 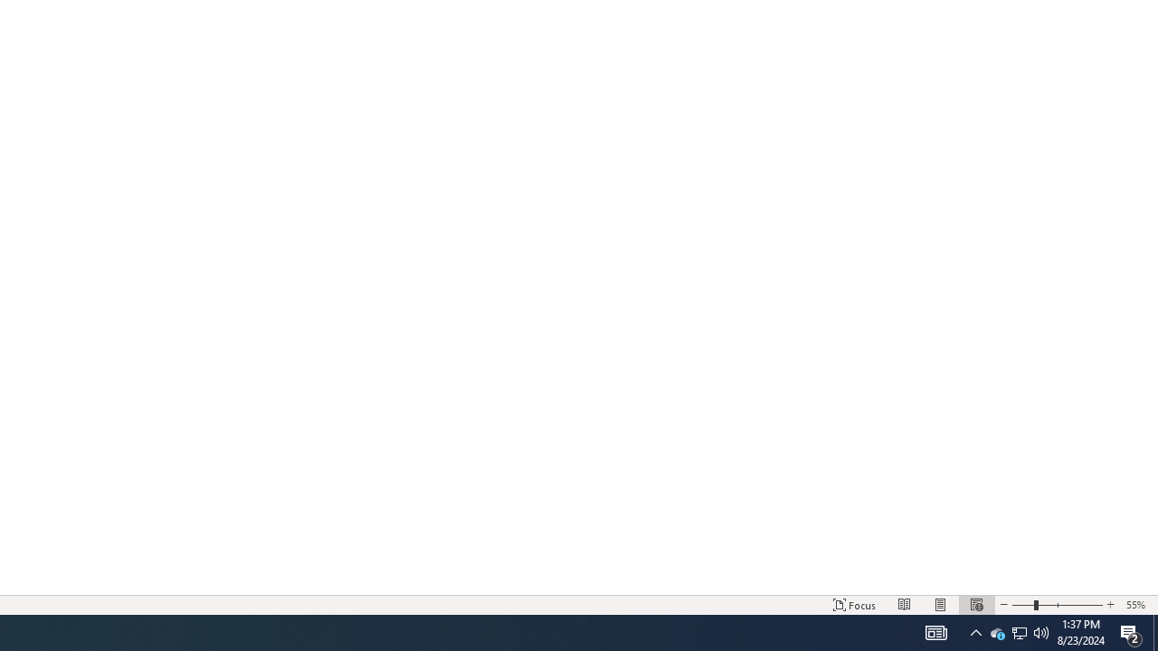 I want to click on 'Print Layout', so click(x=941, y=605).